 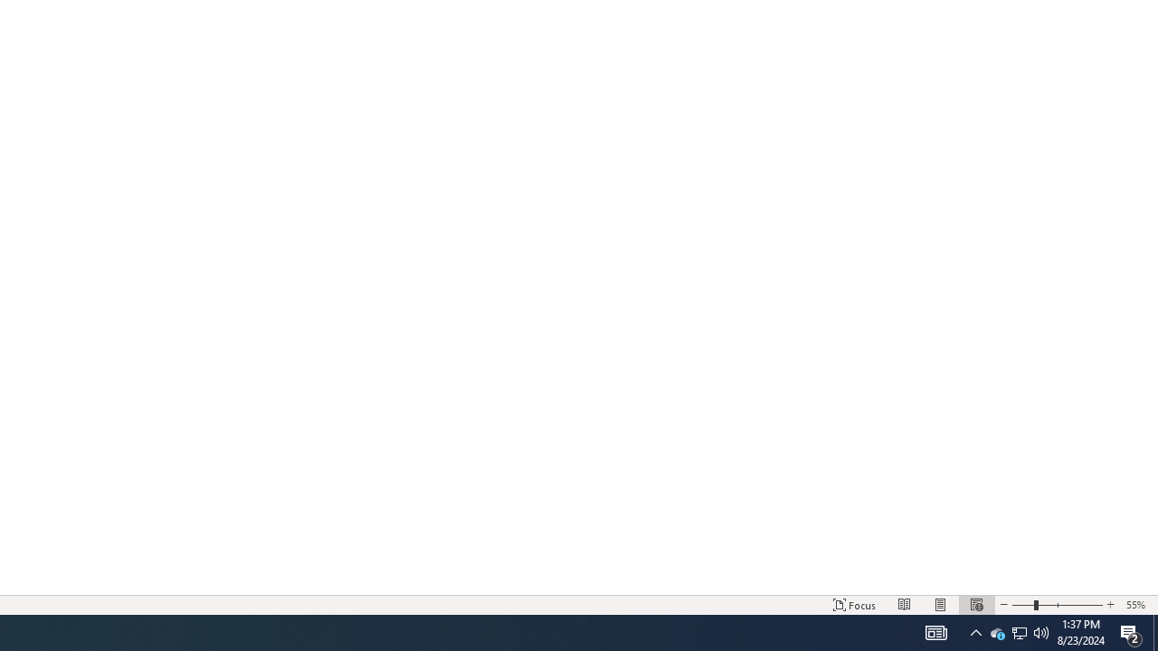 I want to click on 'Print Layout', so click(x=941, y=605).